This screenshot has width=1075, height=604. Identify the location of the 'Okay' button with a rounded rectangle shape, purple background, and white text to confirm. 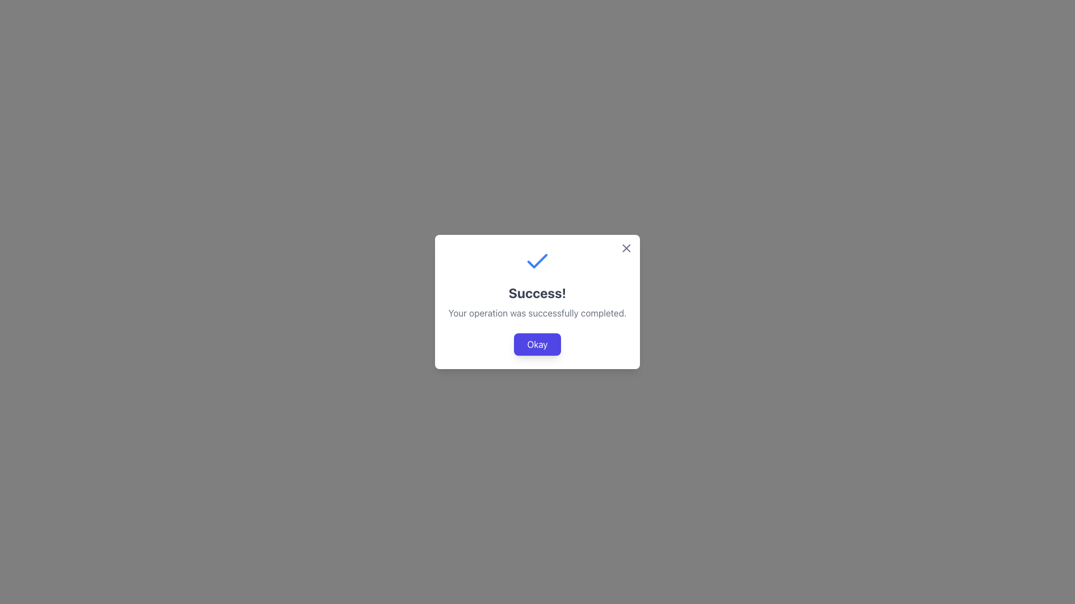
(537, 344).